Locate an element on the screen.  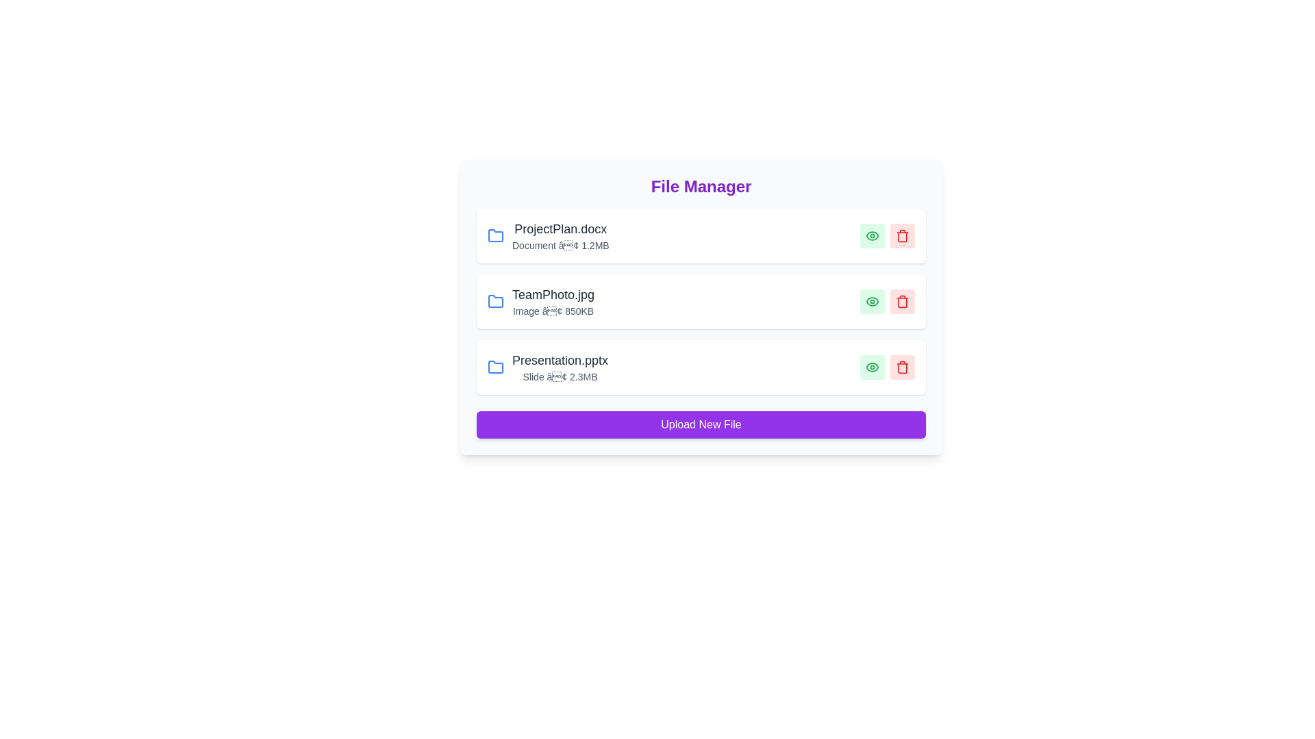
the folder icon for ProjectPlan.docx to navigate into its folder is located at coordinates (495, 235).